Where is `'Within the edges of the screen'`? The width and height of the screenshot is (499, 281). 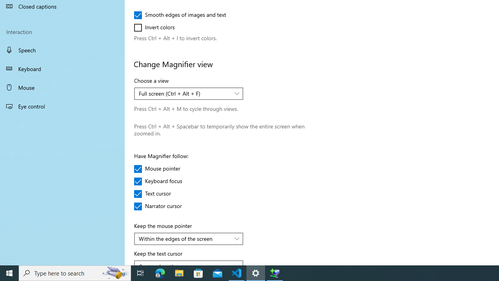
'Within the edges of the screen' is located at coordinates (184, 238).